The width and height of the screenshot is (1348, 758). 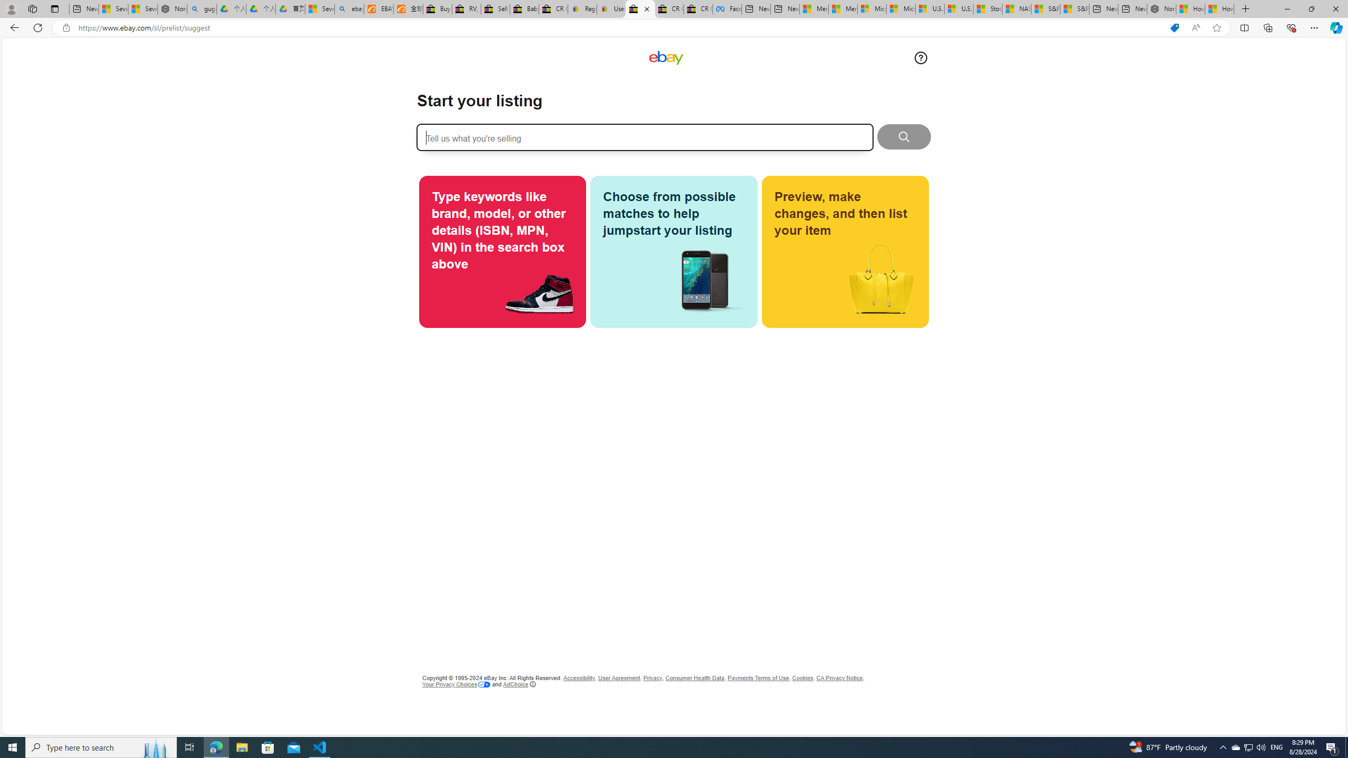 I want to click on 'Sell worldwide with eBay', so click(x=495, y=8).